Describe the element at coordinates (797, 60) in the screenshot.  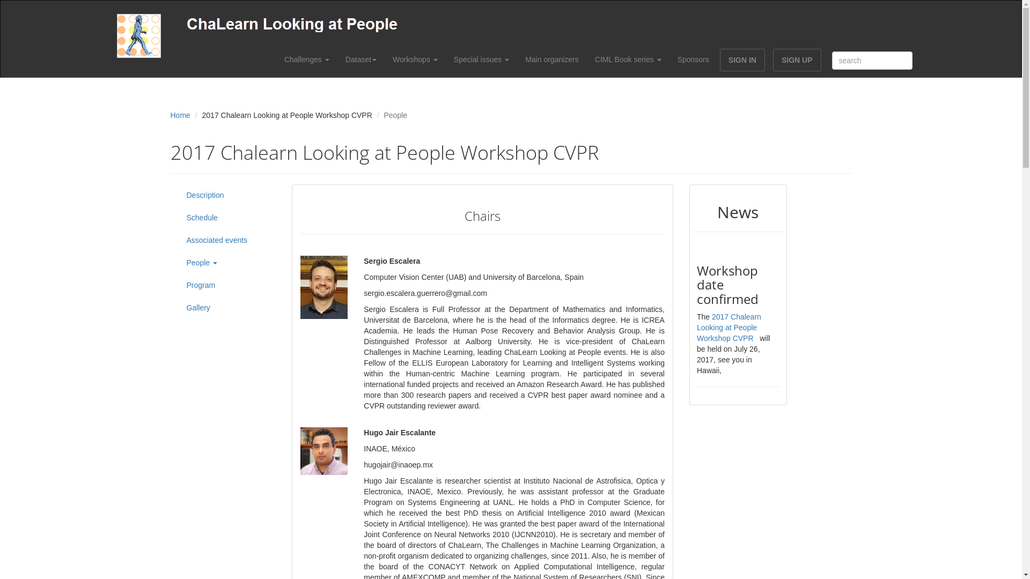
I see `'SIGN UP'` at that location.